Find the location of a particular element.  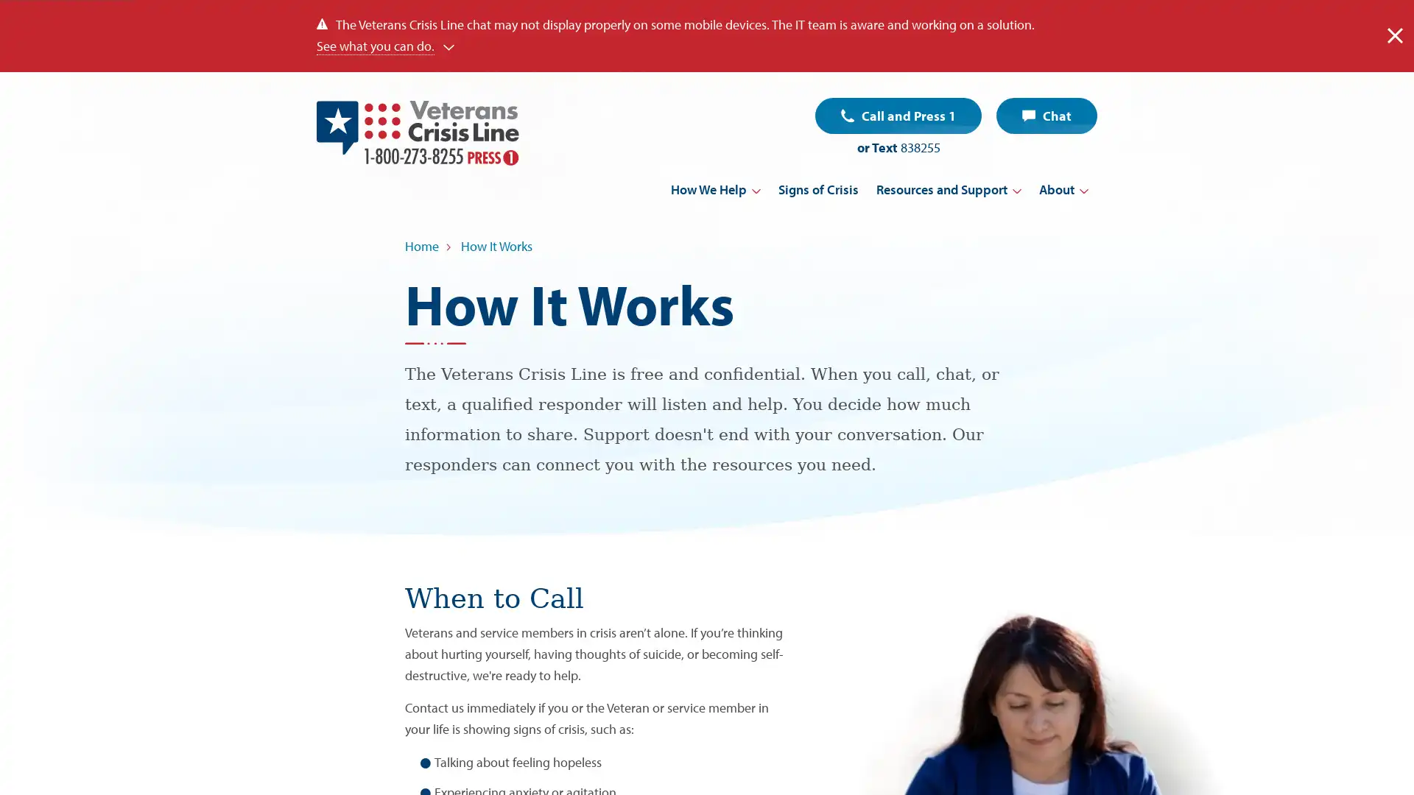

Close Banner is located at coordinates (1394, 35).